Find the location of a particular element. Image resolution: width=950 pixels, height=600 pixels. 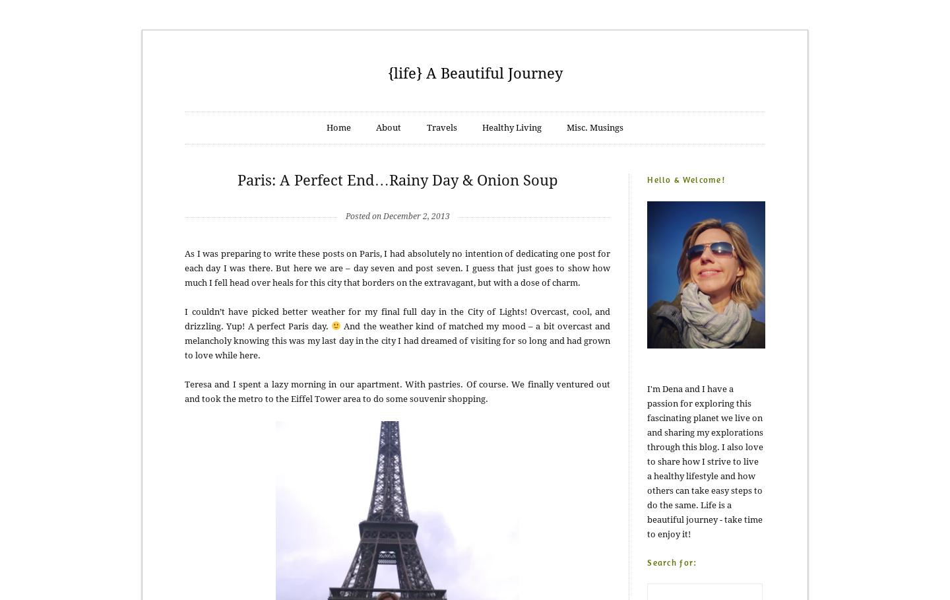

'{life} A Beautiful Journey' is located at coordinates (474, 73).